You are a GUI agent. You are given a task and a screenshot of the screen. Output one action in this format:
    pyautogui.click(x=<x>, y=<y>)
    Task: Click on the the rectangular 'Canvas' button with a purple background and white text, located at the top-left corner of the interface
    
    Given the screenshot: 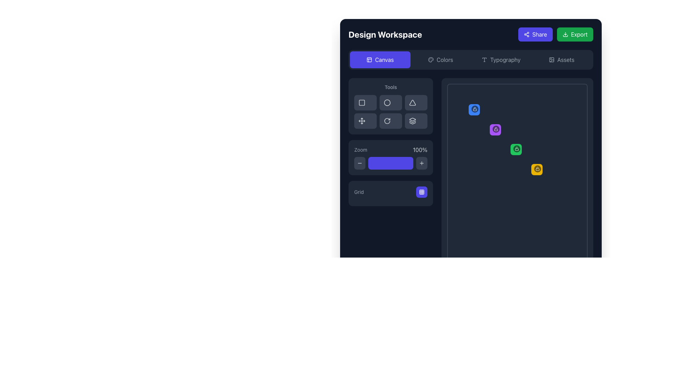 What is the action you would take?
    pyautogui.click(x=380, y=59)
    